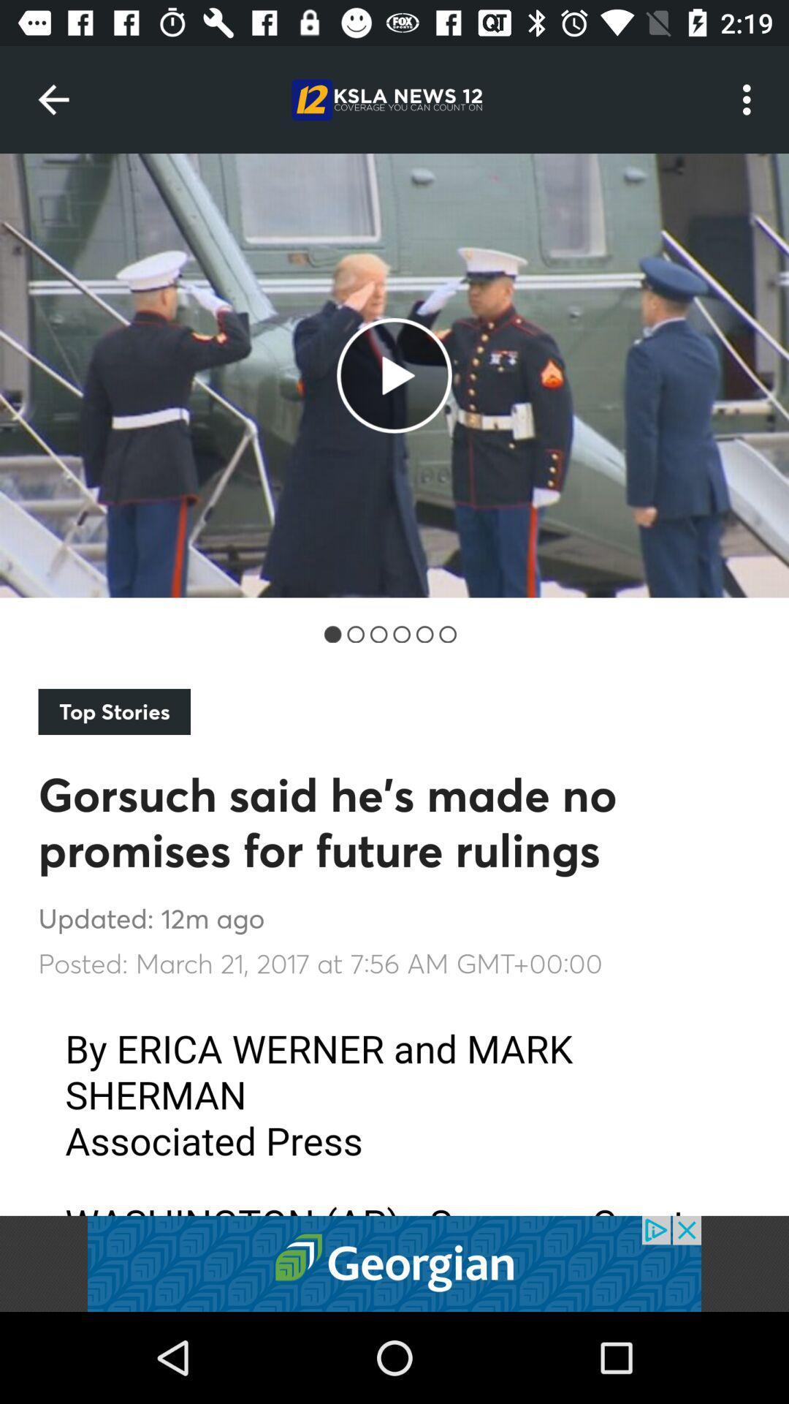 Image resolution: width=789 pixels, height=1404 pixels. Describe the element at coordinates (394, 1263) in the screenshot. I see `make advertisement` at that location.